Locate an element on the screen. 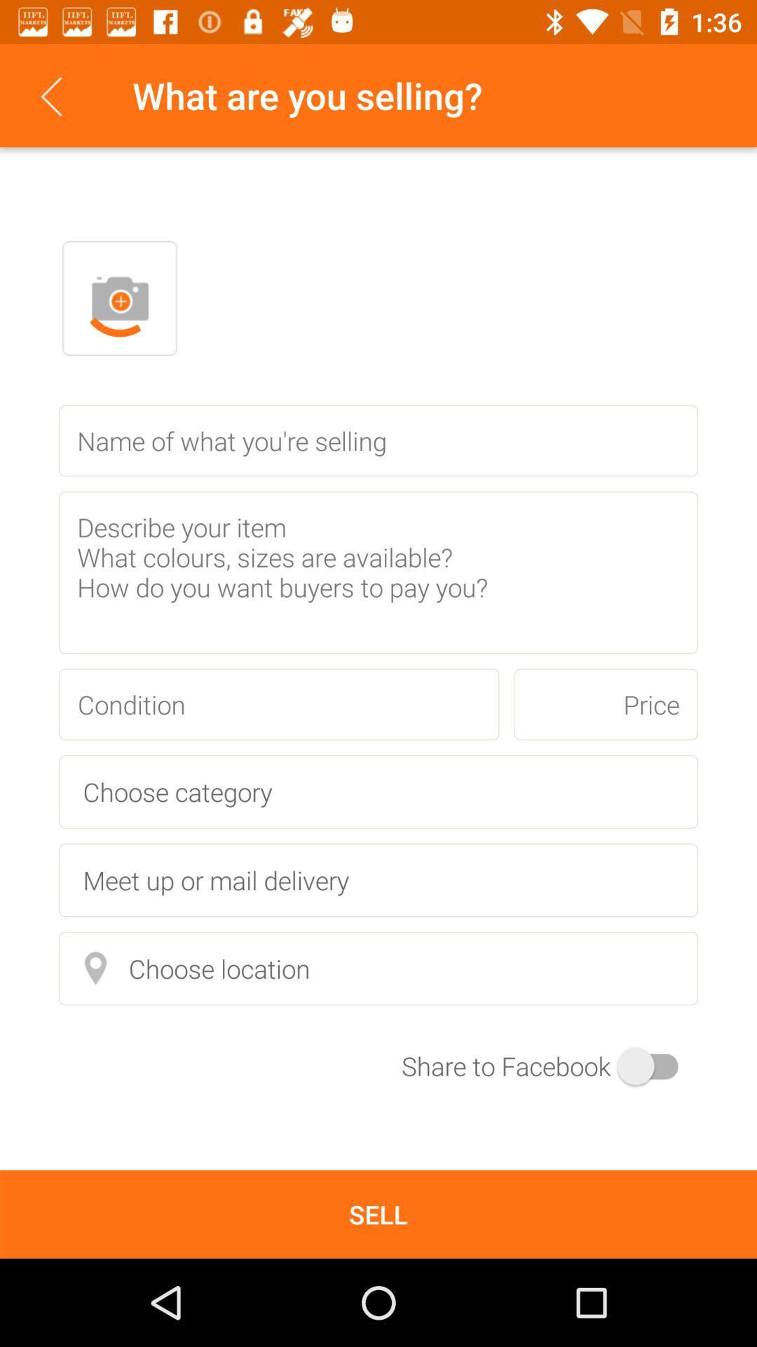  the item below the meet up or is located at coordinates (378, 967).